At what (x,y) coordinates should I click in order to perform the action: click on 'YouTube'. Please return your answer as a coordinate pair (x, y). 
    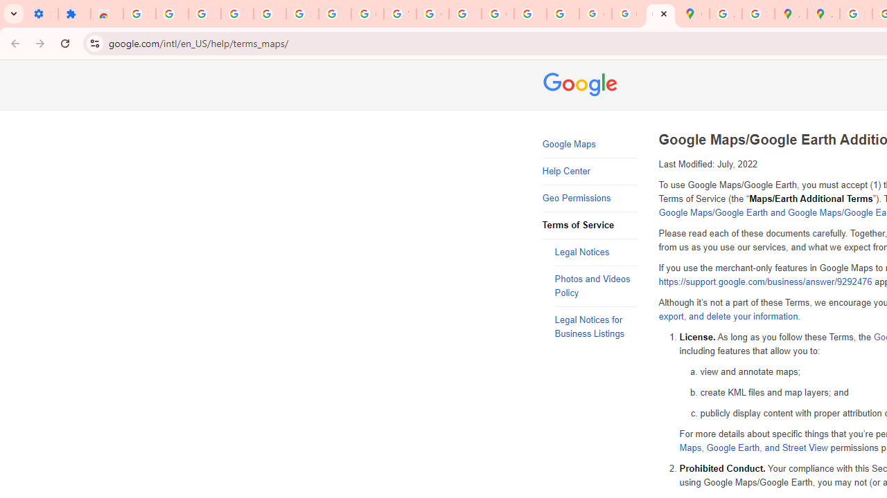
    Looking at the image, I should click on (399, 14).